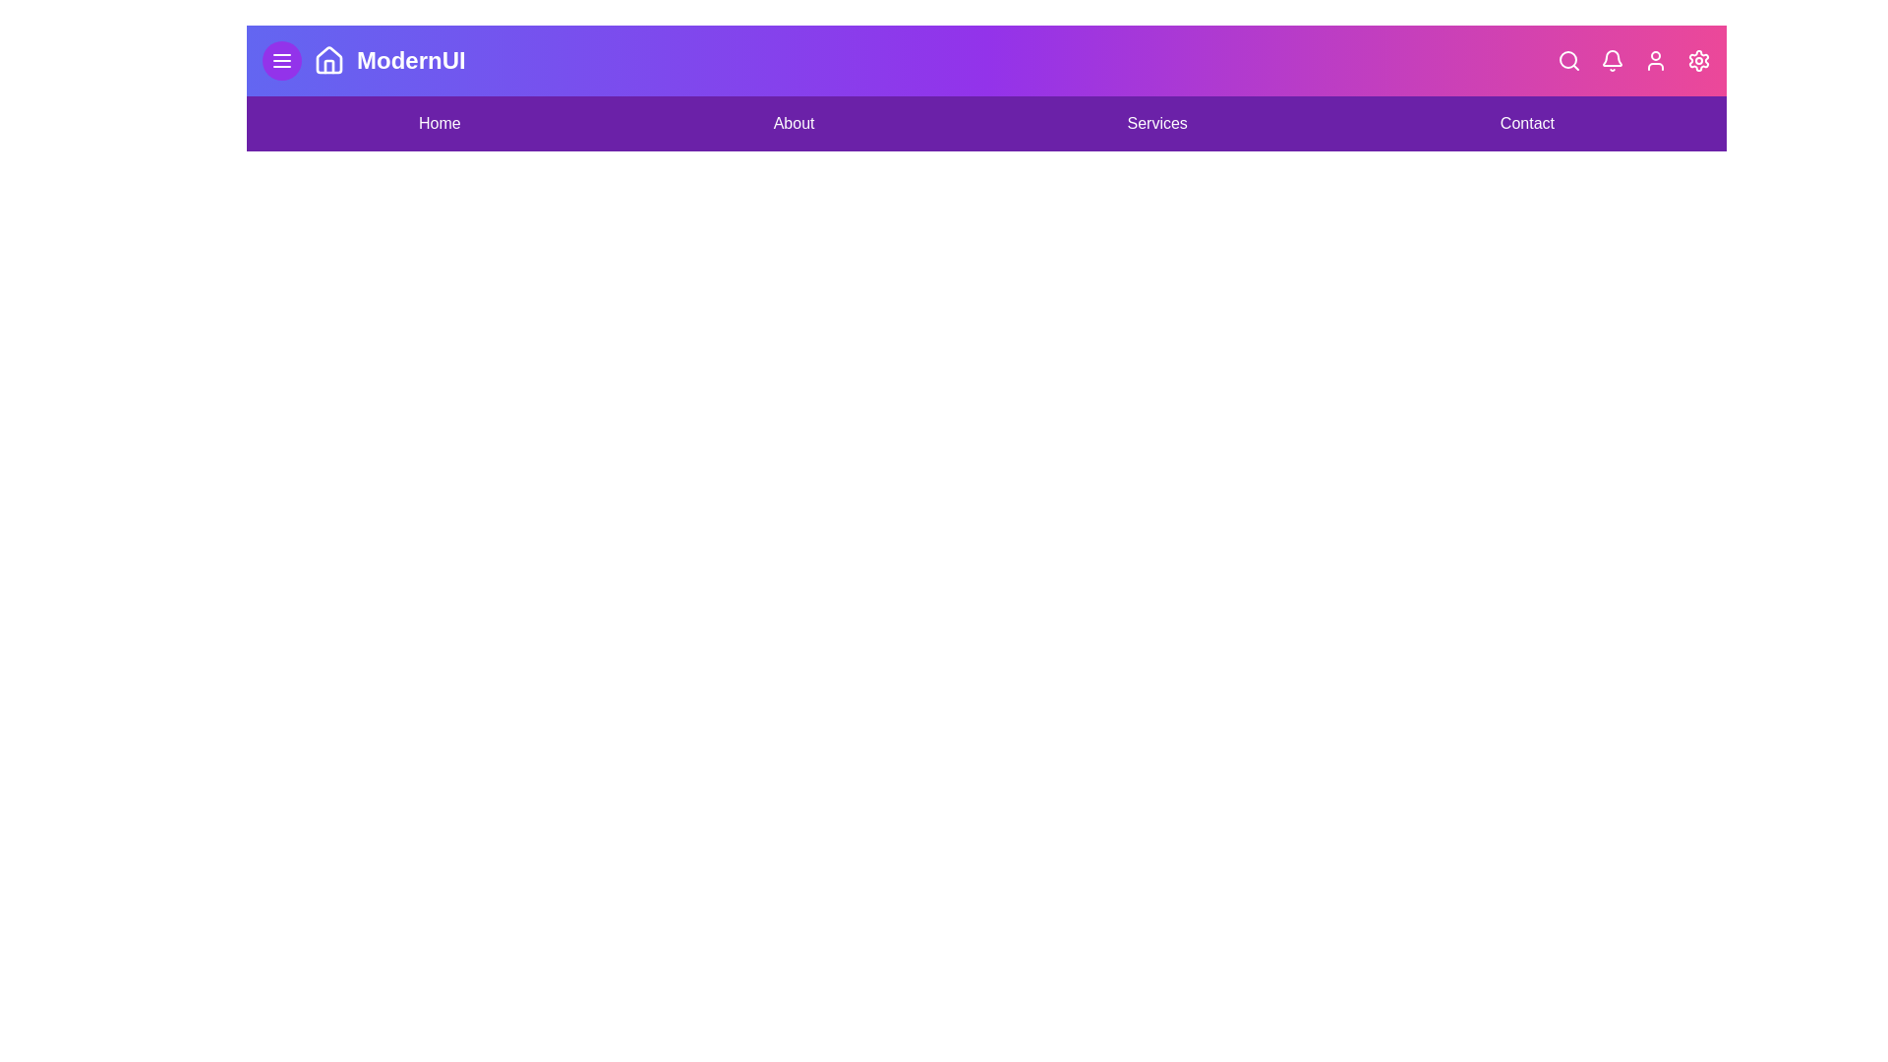 The height and width of the screenshot is (1062, 1888). What do you see at coordinates (1655, 59) in the screenshot?
I see `the User icon on the right side of the bar` at bounding box center [1655, 59].